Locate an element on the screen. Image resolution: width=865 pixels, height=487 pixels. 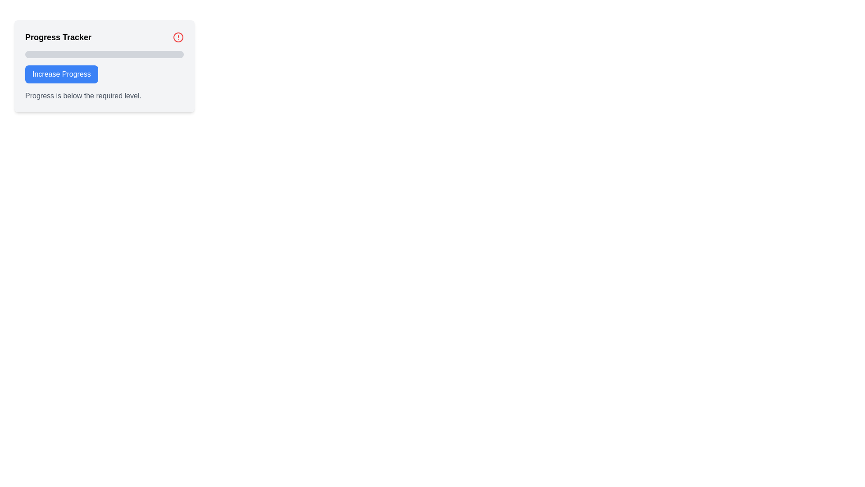
the 'Increase Progress' button, which has a blue background and white text, located within the 'Progress Tracker' section beneath the progress bar is located at coordinates (61, 74).